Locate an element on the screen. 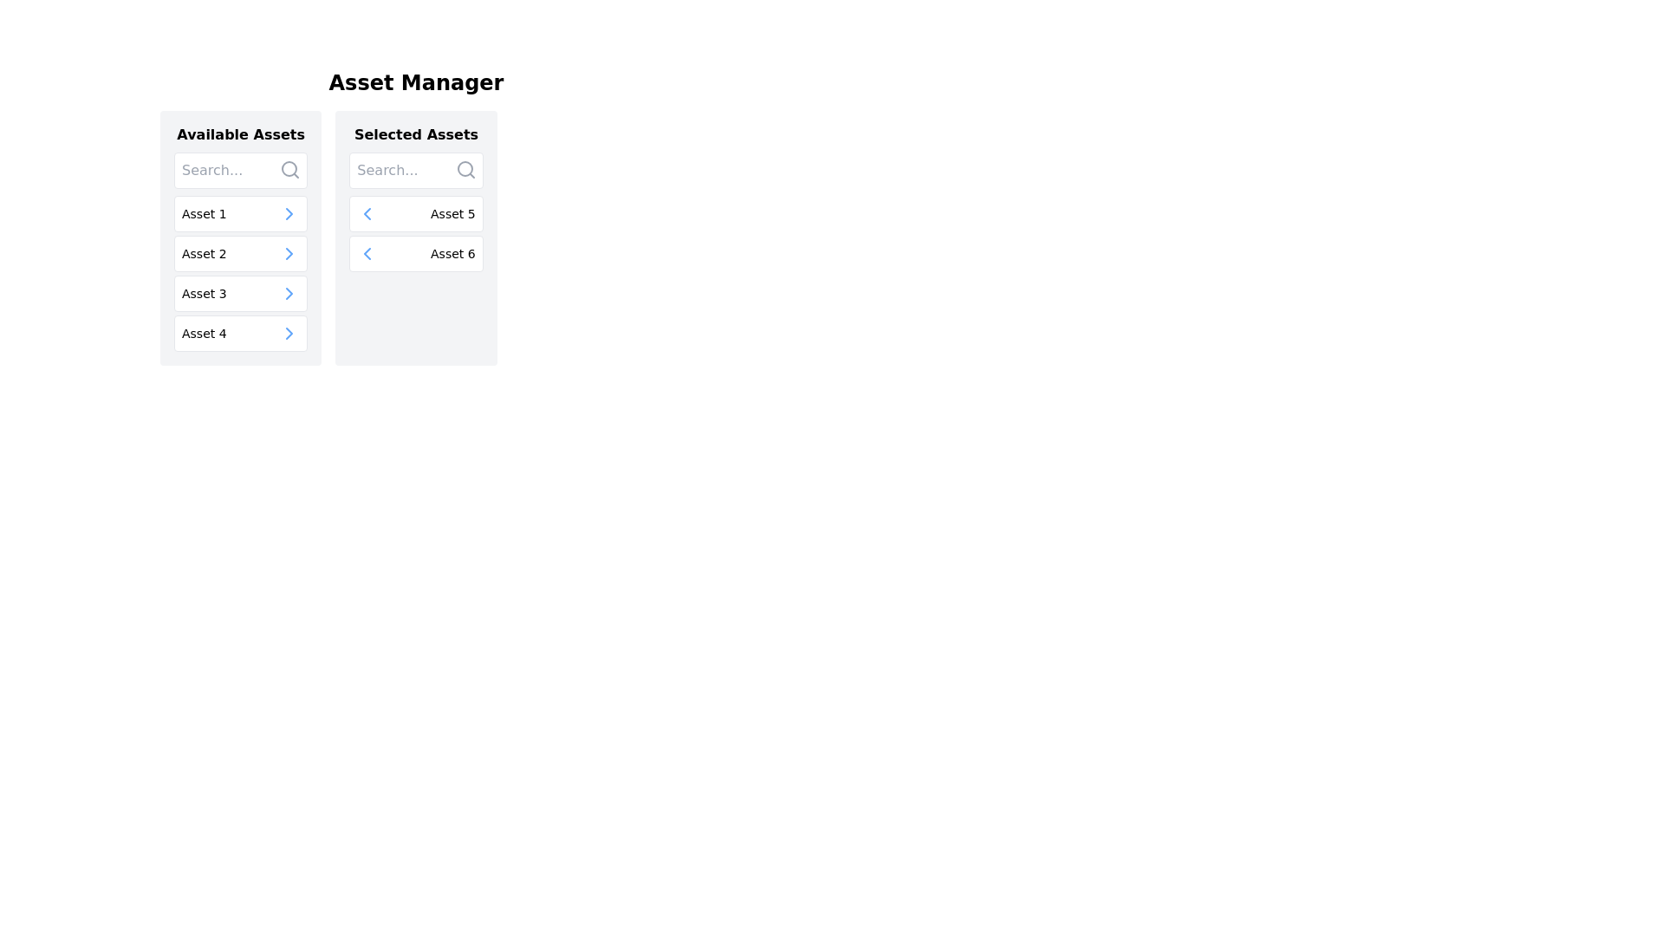  the left-pointing chevron icon button, which has a blue stroke and is located to the left of the text 'Asset 5' in the 'Selected Assets' column is located at coordinates (366, 212).